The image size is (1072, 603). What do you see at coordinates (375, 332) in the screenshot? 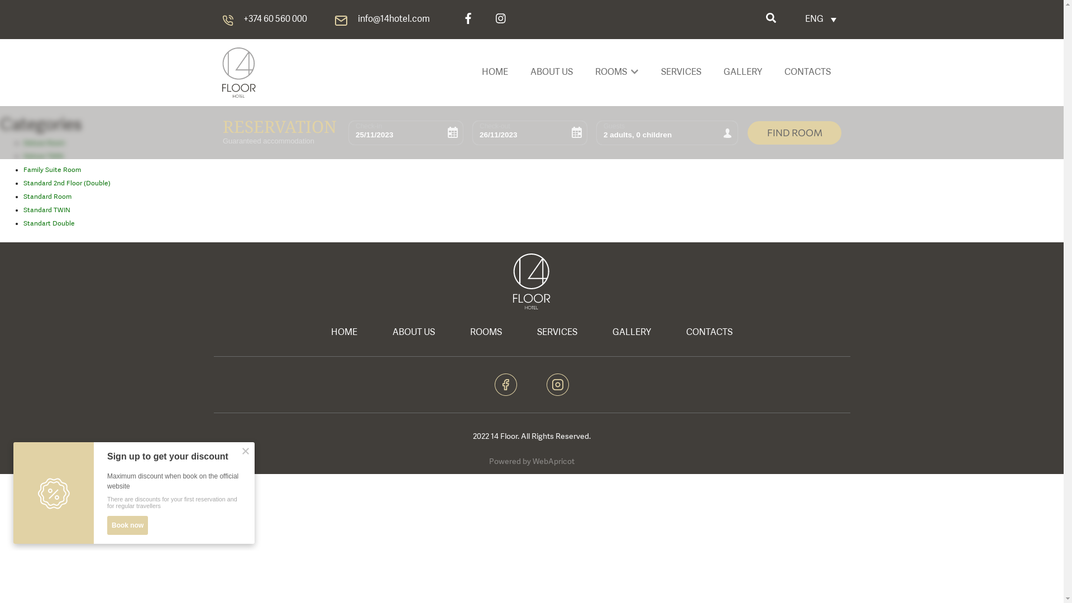
I see `'ABOUT US'` at bounding box center [375, 332].